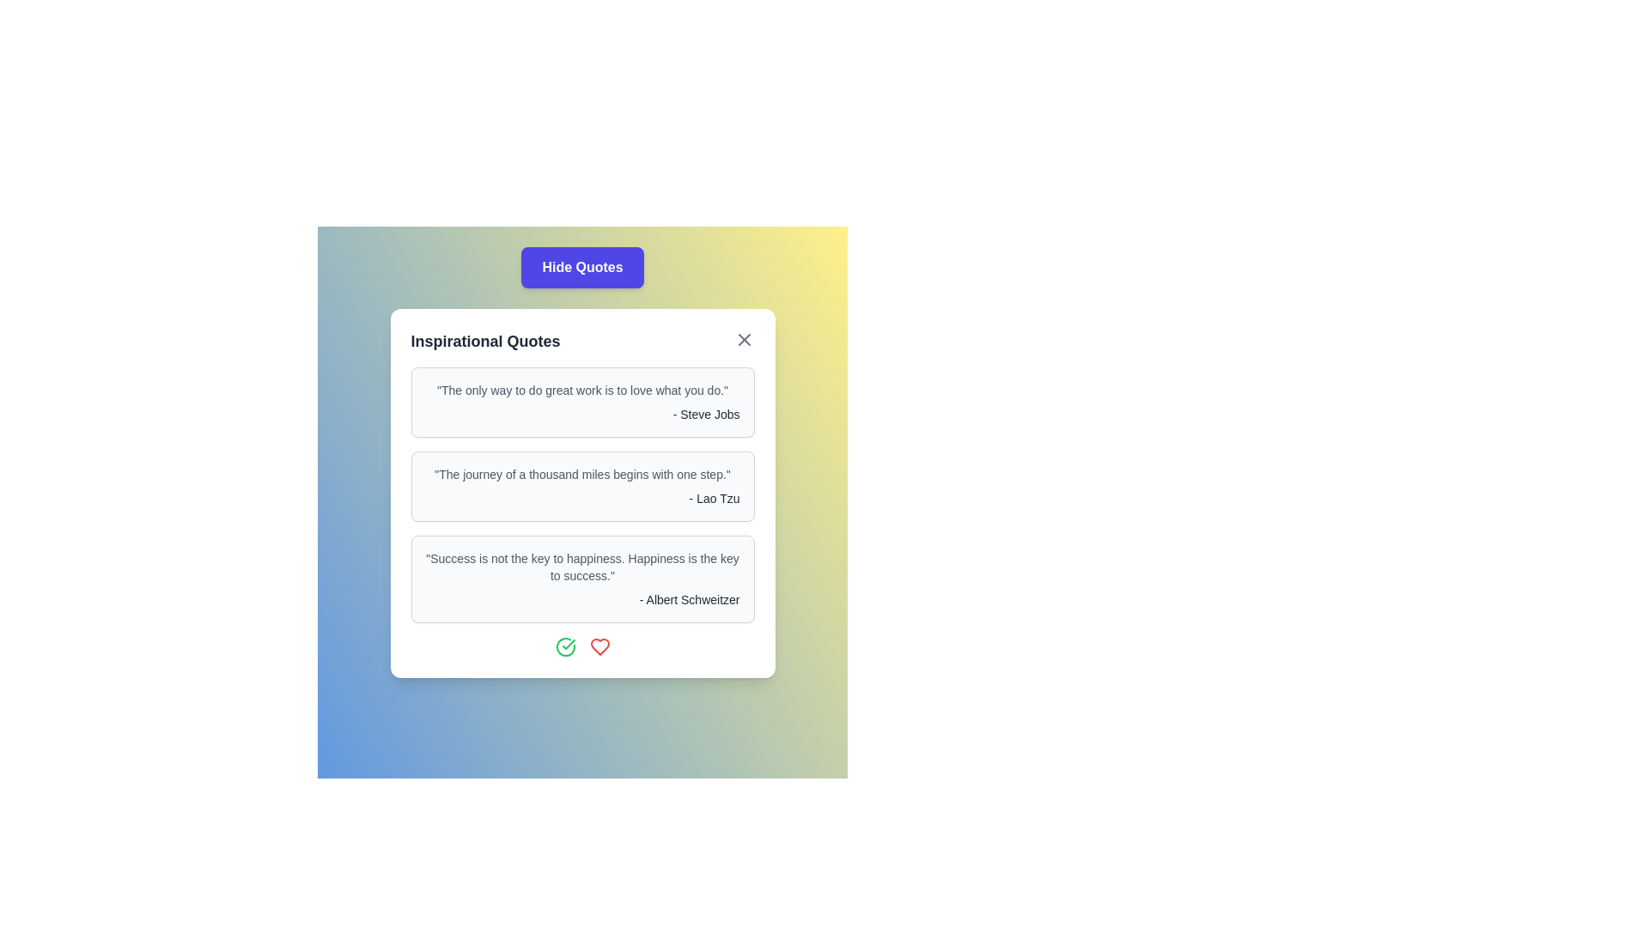 Image resolution: width=1649 pixels, height=927 pixels. What do you see at coordinates (582, 579) in the screenshot?
I see `text content of the third quote box within the 'Inspirational Quotes' section, positioned below the second quote and above the action buttons` at bounding box center [582, 579].